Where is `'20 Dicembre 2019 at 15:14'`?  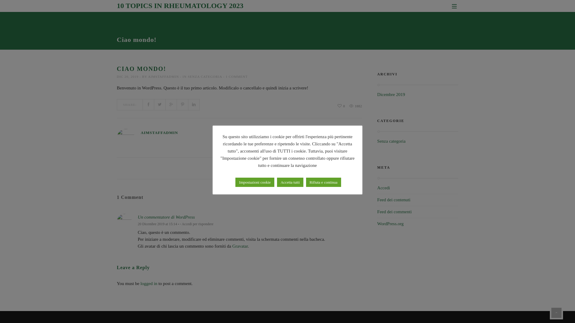
'20 Dicembre 2019 at 15:14' is located at coordinates (157, 224).